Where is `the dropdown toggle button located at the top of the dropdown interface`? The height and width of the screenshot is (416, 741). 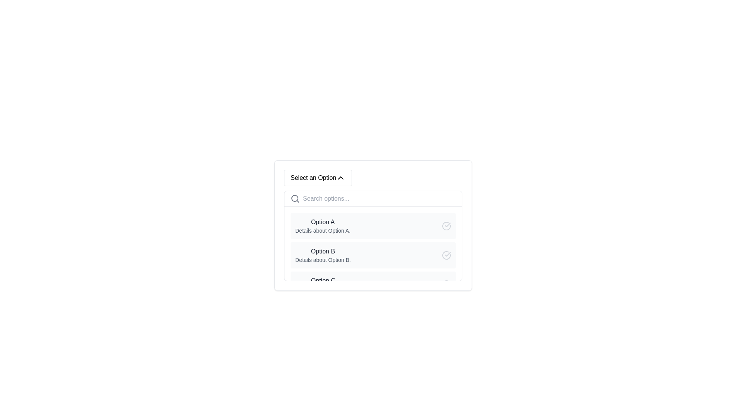
the dropdown toggle button located at the top of the dropdown interface is located at coordinates (318, 178).